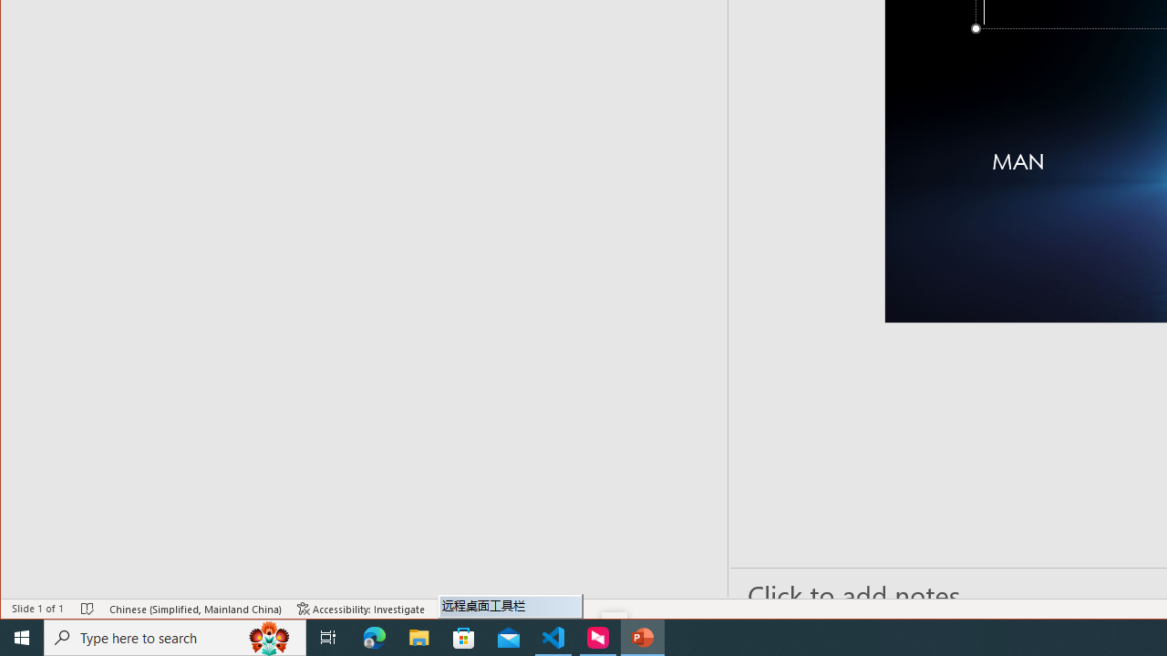 The image size is (1167, 656). What do you see at coordinates (22, 636) in the screenshot?
I see `'Start'` at bounding box center [22, 636].